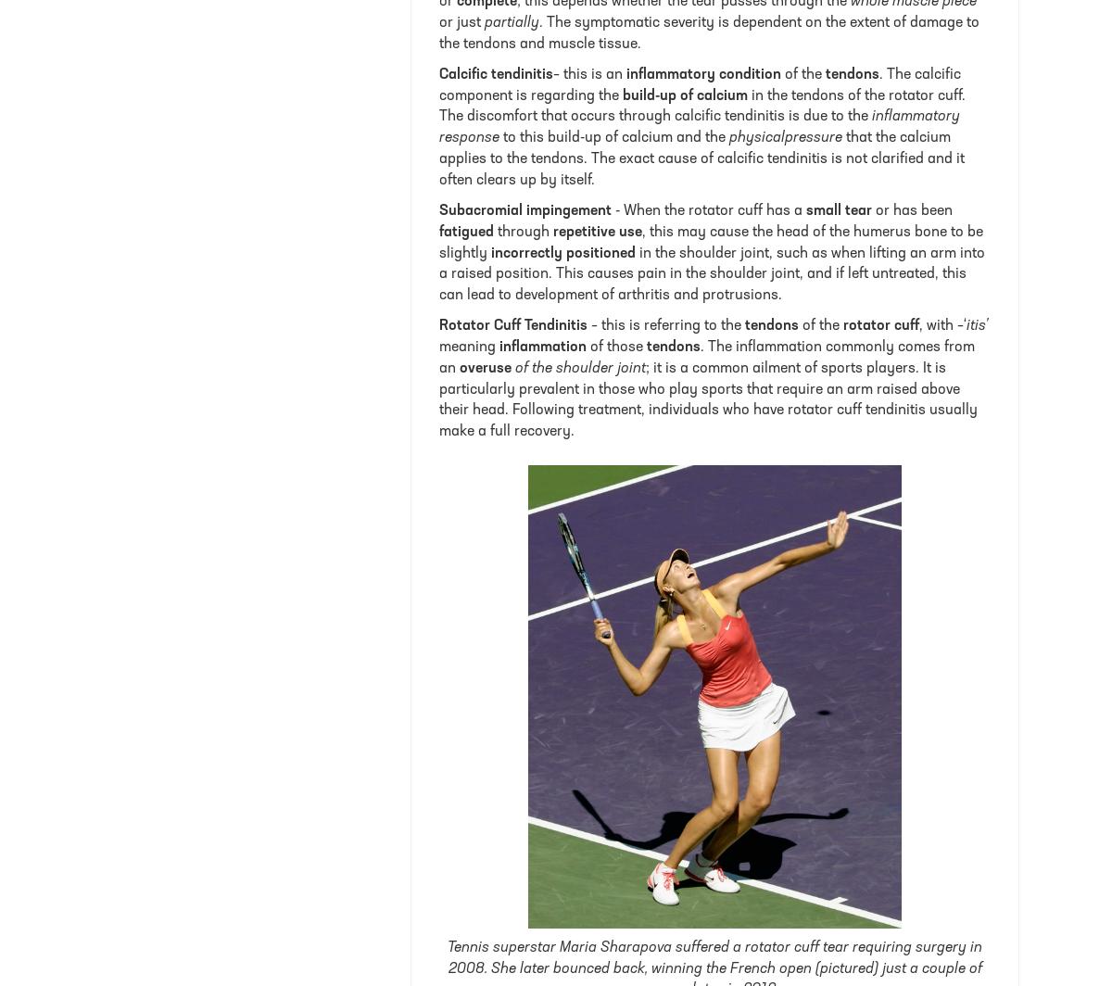 Image resolution: width=1112 pixels, height=986 pixels. I want to click on 'in the shoulder joint, such as when lifting an arm into a raised position. This causes pain in the shoulder joint, and if left untreated, this can lead to development of arthritis and protrusions.', so click(711, 274).